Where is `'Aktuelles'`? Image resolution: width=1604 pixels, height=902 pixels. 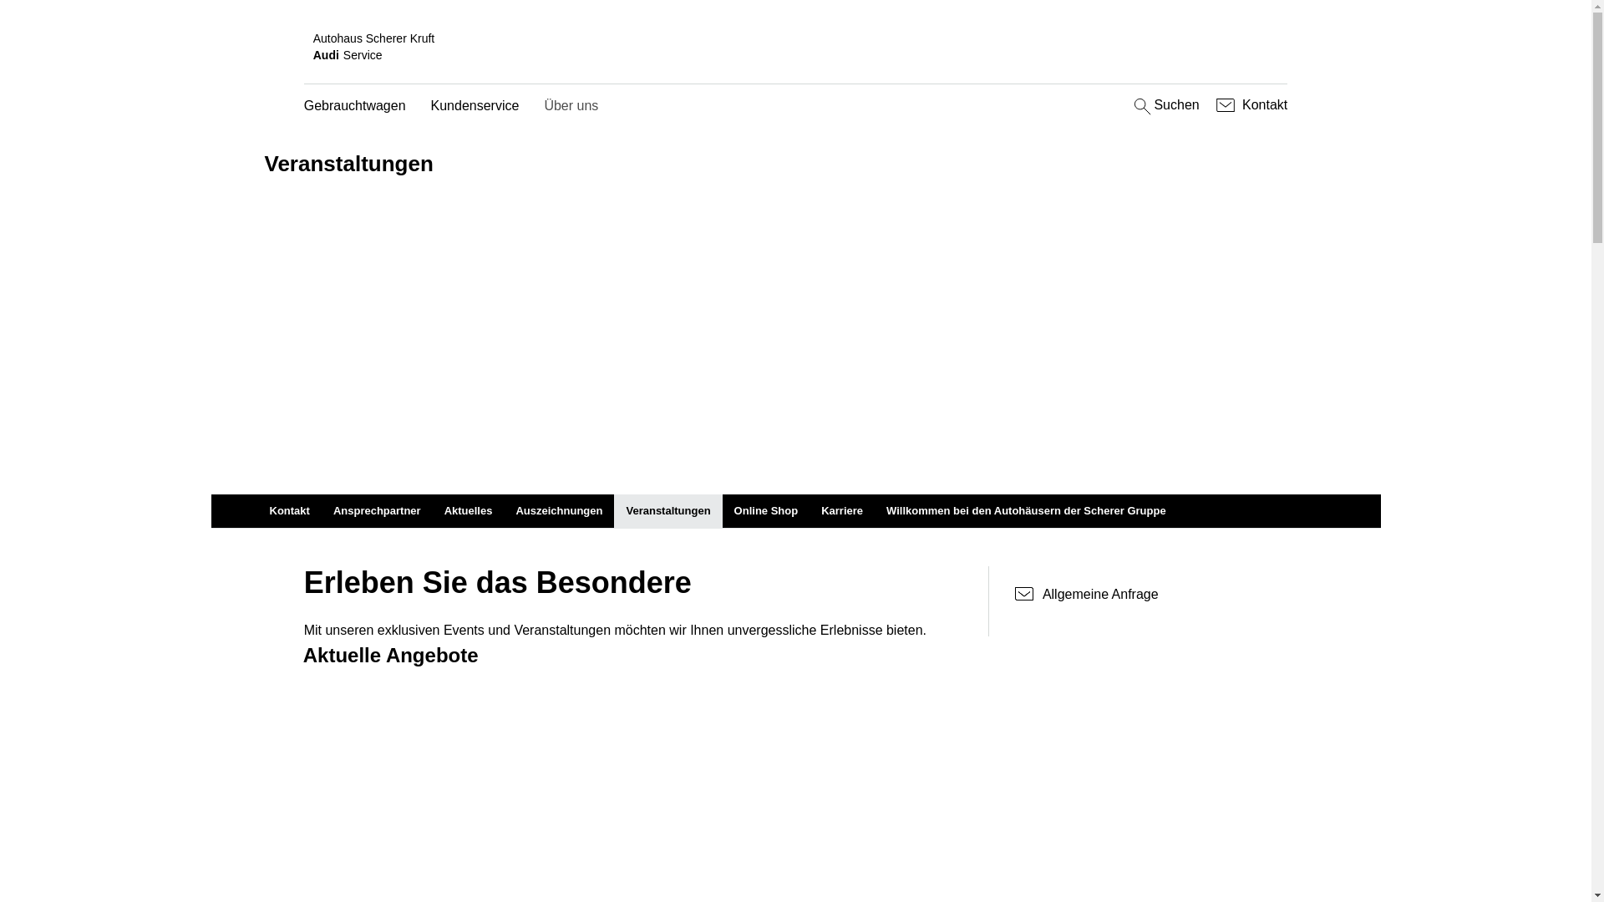 'Aktuelles' is located at coordinates (433, 510).